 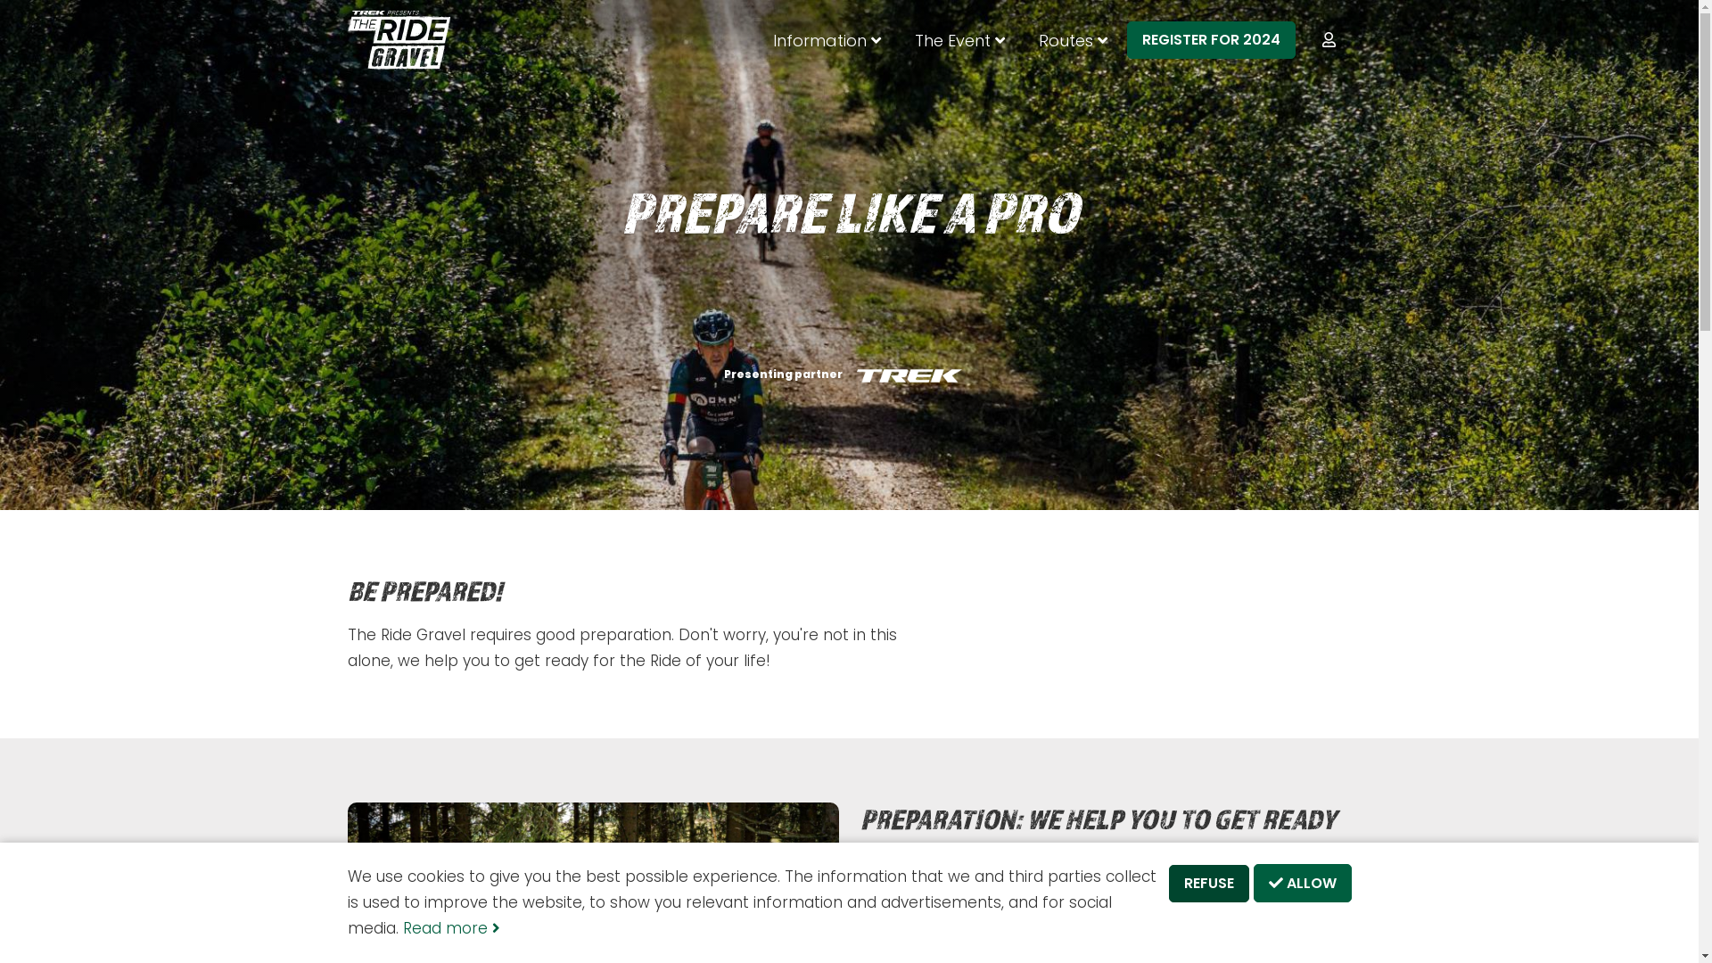 I want to click on 'Read more', so click(x=451, y=927).